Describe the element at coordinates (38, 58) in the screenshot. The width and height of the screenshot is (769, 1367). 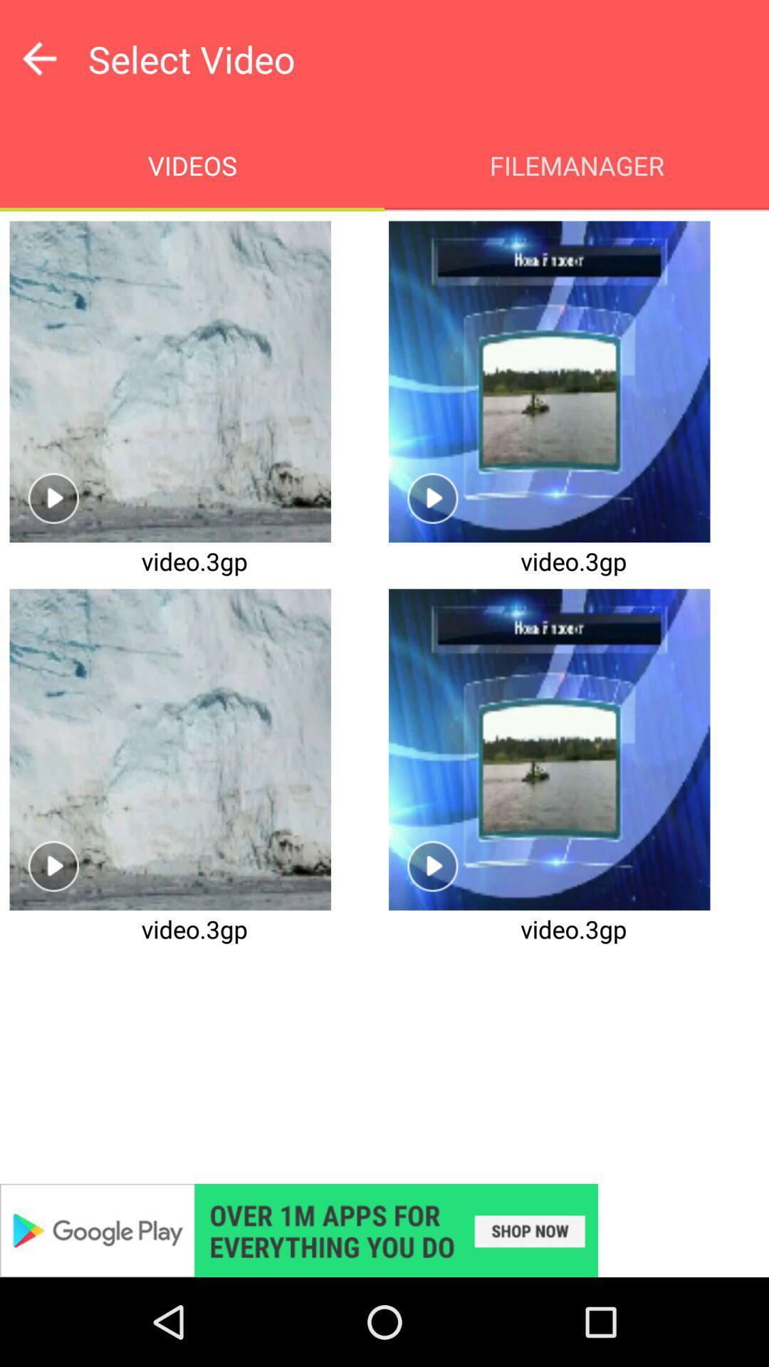
I see `go back` at that location.